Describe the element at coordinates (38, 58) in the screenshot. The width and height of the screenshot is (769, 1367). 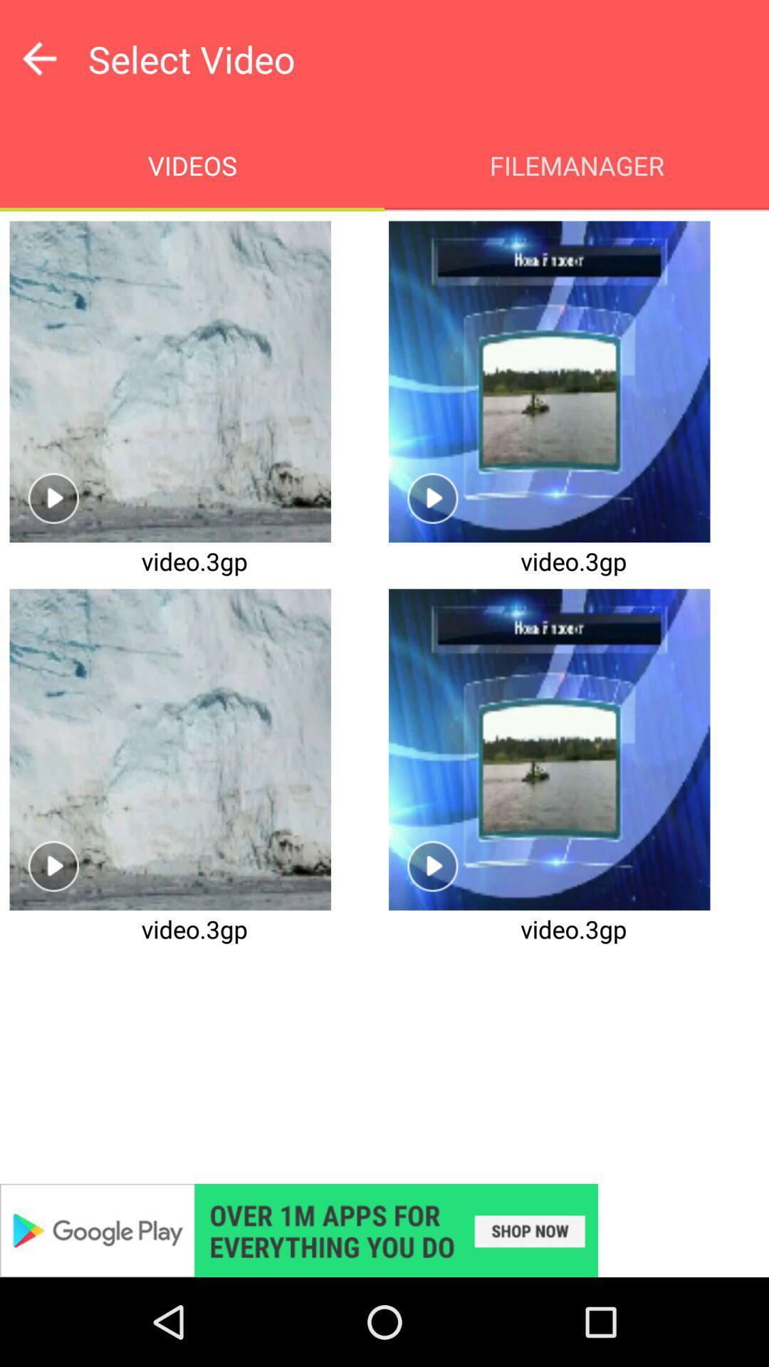
I see `go back` at that location.